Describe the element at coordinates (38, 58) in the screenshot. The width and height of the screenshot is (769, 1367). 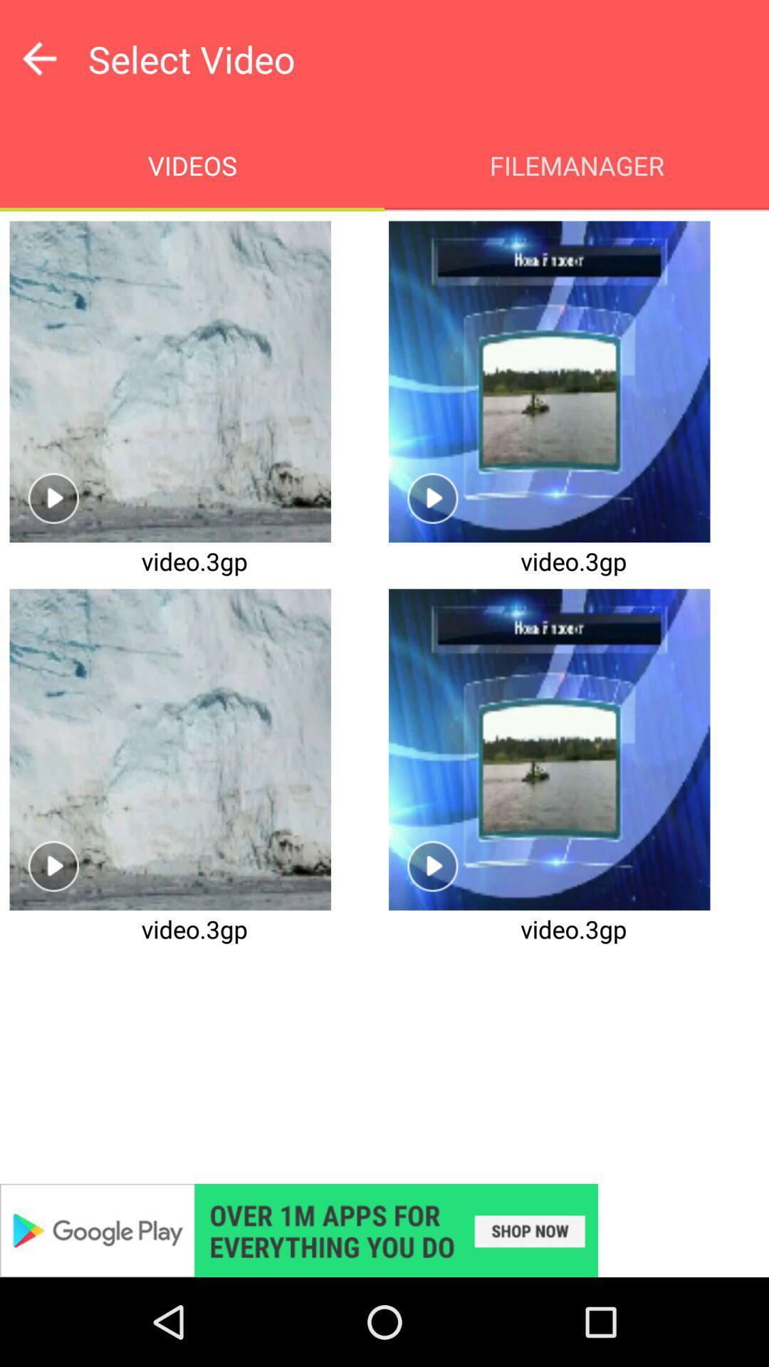
I see `go back` at that location.